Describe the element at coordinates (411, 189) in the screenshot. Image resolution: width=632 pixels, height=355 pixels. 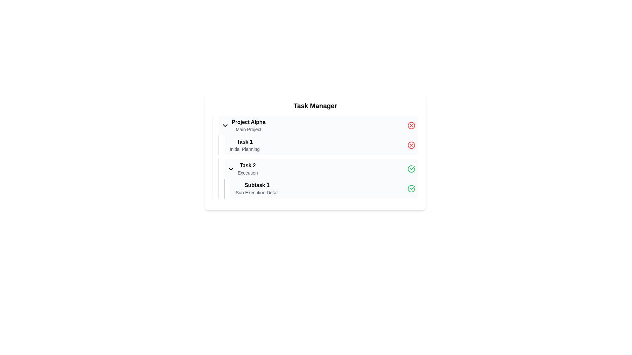
I see `the success indicator icon located at the far right side of the row labeled 'Subtask 1' in the task list` at that location.